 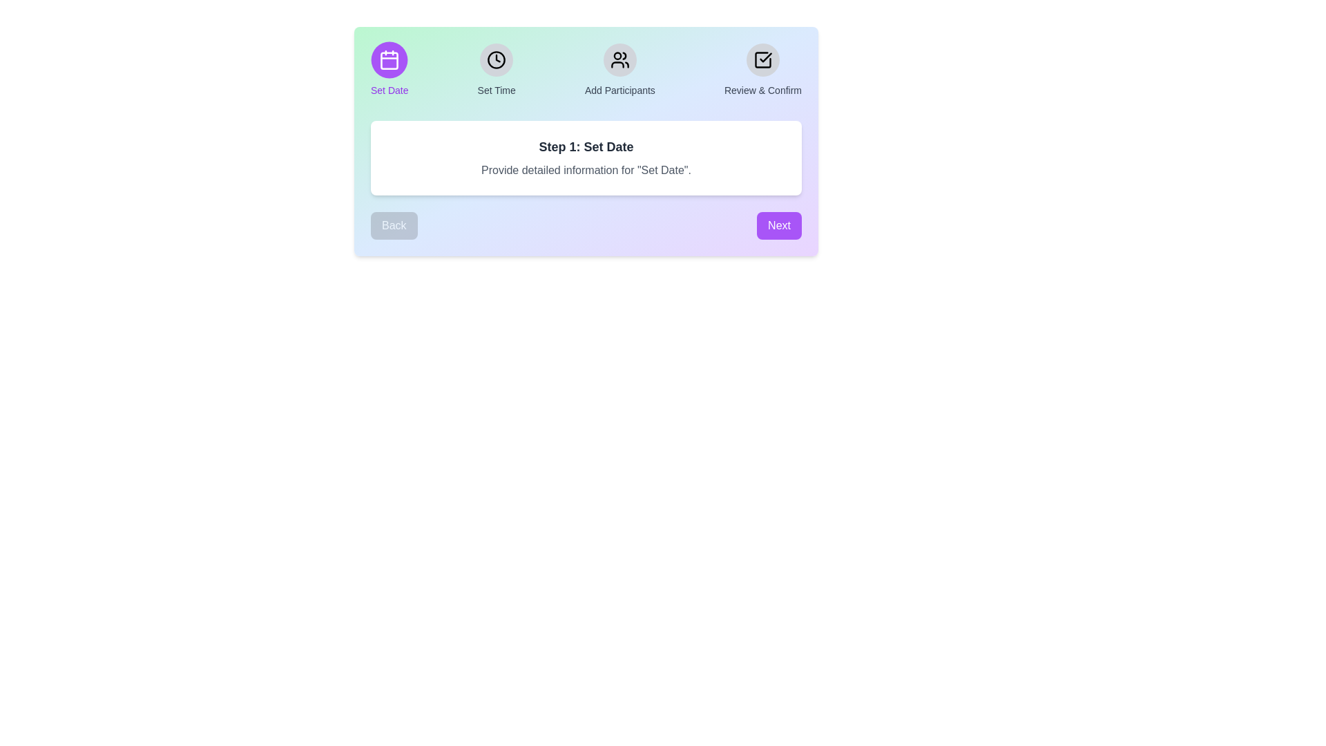 What do you see at coordinates (779, 225) in the screenshot?
I see `'Next' button to navigate to the next step` at bounding box center [779, 225].